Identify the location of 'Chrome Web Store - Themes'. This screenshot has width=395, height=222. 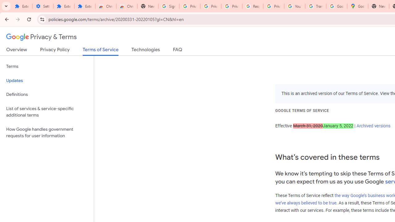
(127, 6).